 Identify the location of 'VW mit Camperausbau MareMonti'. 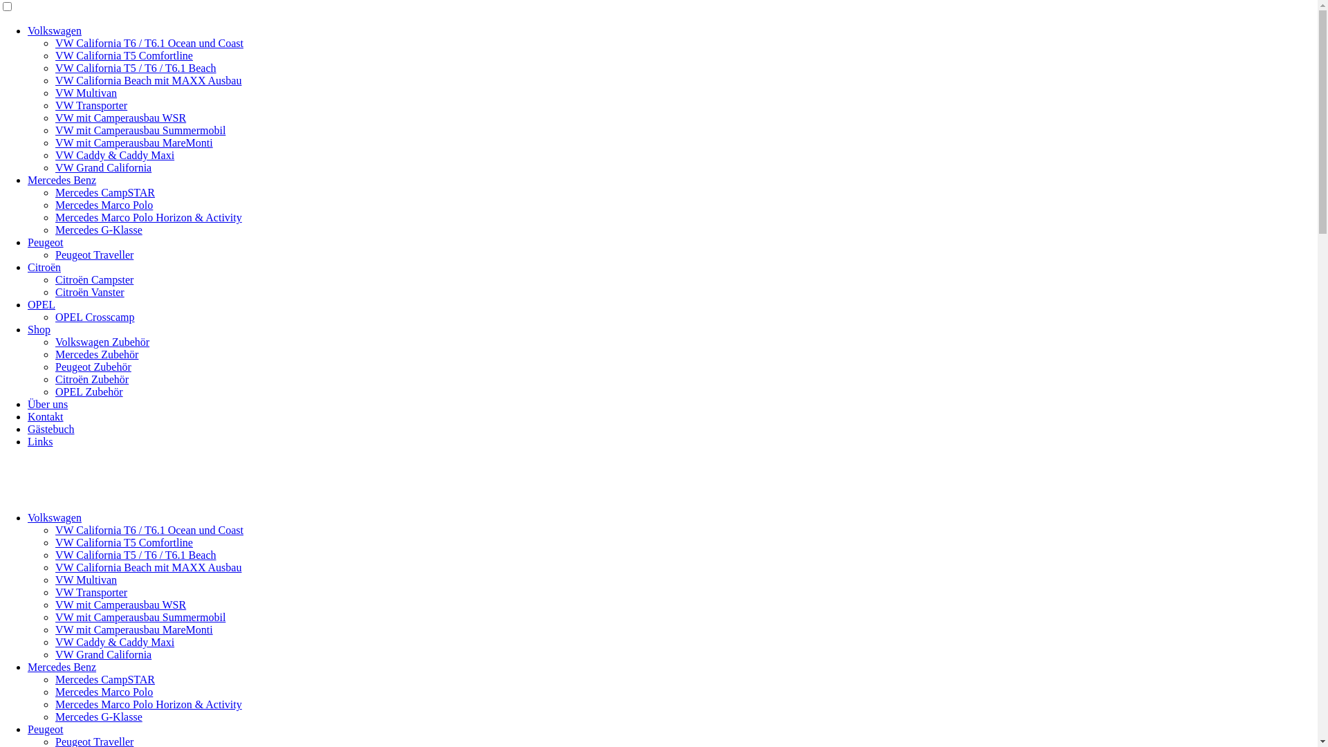
(133, 142).